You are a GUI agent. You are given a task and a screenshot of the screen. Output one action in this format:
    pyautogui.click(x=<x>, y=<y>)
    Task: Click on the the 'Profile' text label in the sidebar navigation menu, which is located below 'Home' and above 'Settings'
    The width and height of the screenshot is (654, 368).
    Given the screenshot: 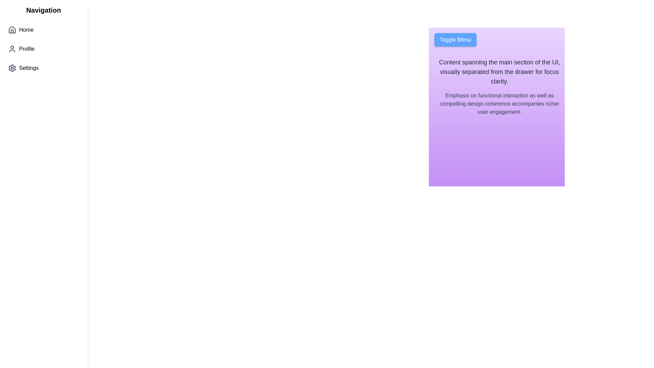 What is the action you would take?
    pyautogui.click(x=27, y=48)
    